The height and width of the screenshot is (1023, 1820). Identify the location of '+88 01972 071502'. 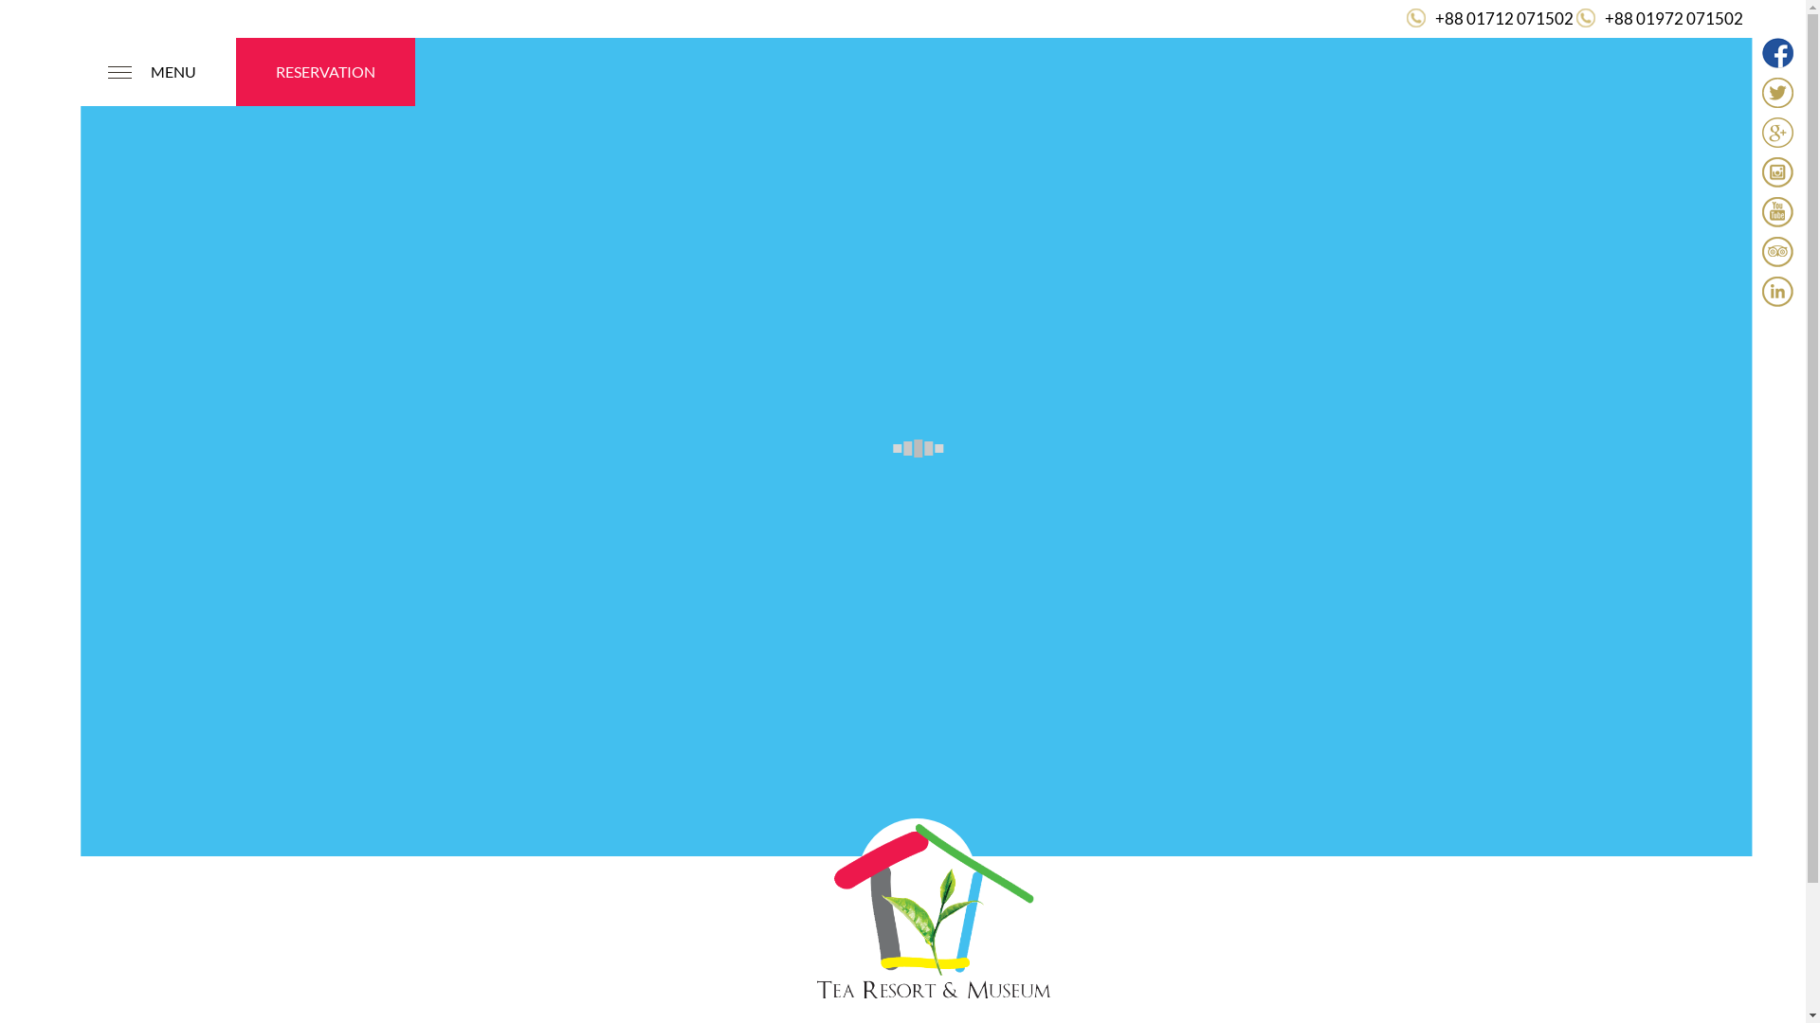
(1604, 18).